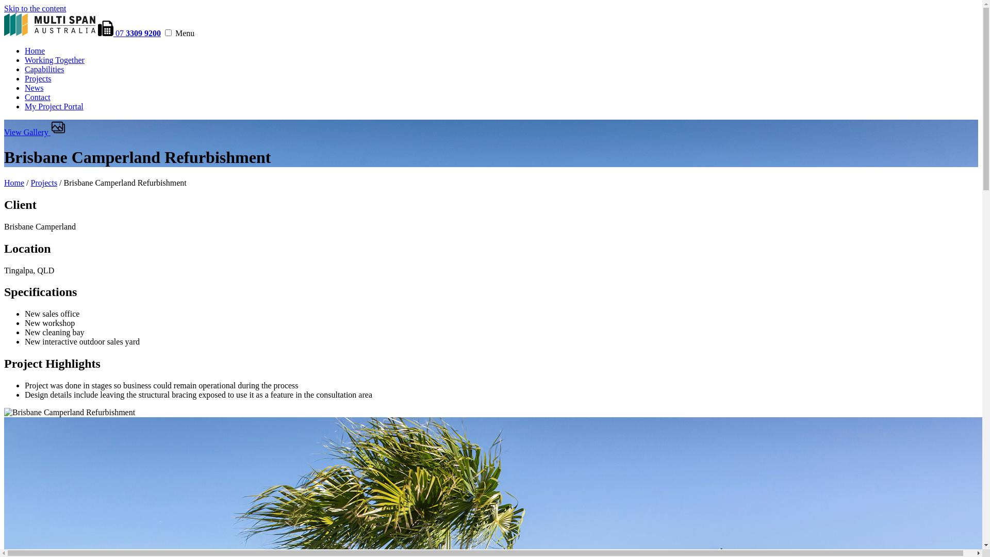  I want to click on 'View Gallery', so click(35, 132).